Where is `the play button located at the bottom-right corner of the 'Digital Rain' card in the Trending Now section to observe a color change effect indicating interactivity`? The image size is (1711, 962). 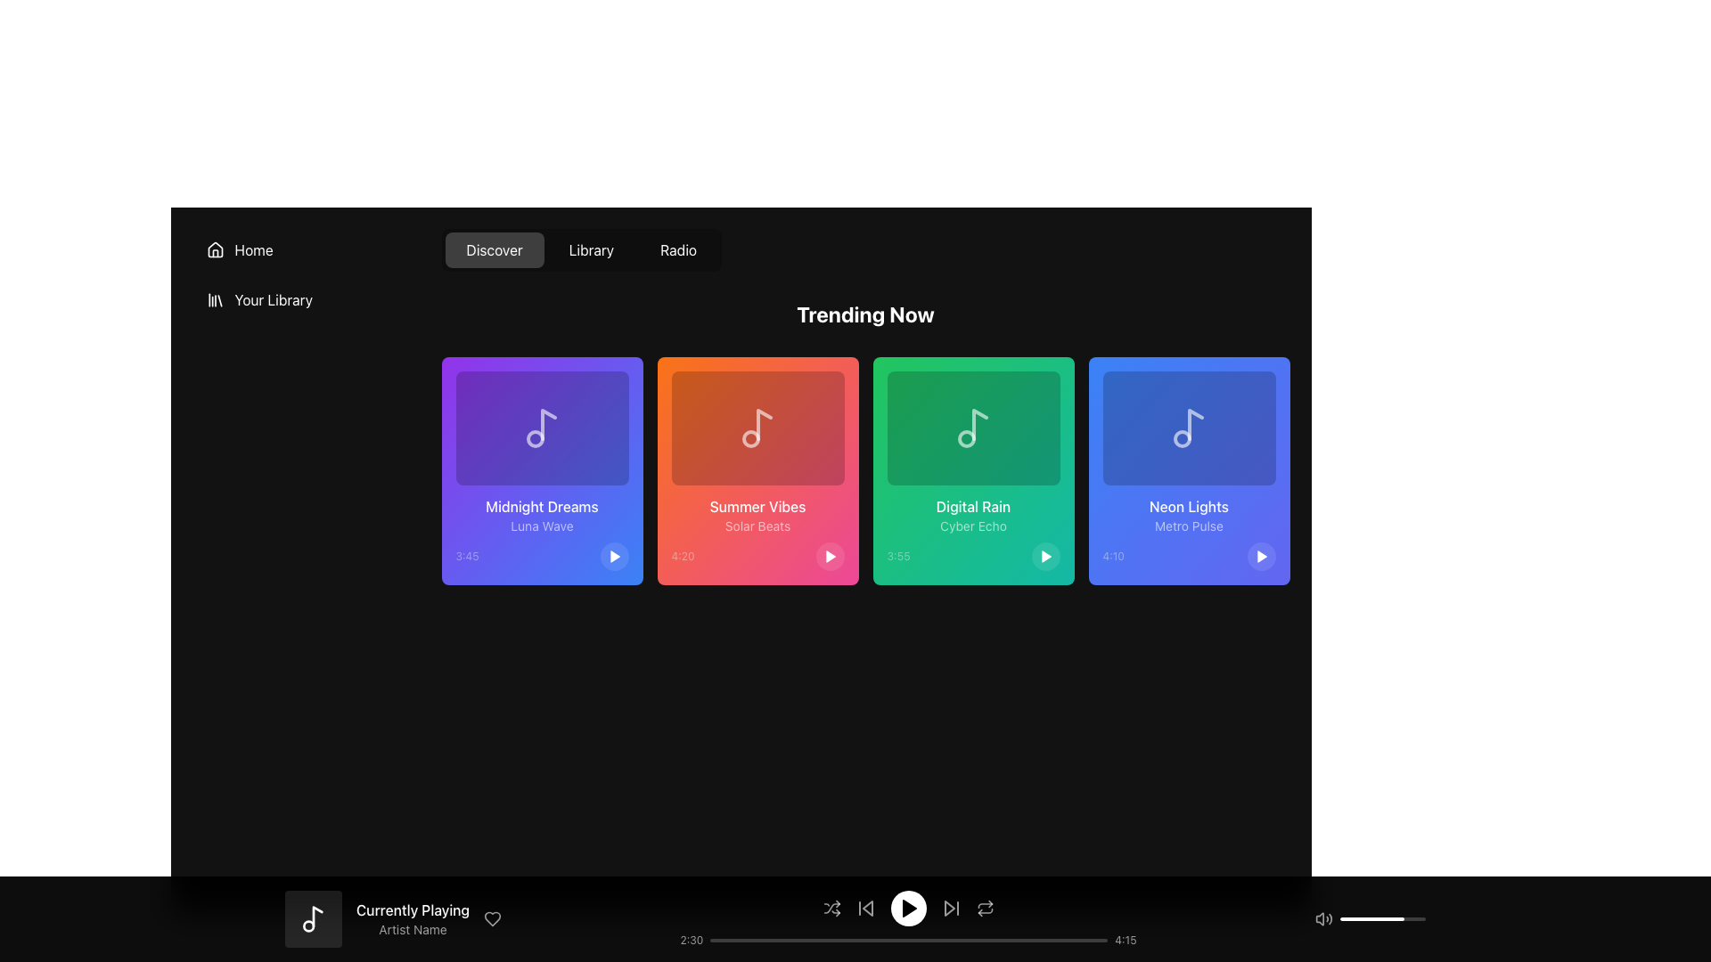
the play button located at the bottom-right corner of the 'Digital Rain' card in the Trending Now section to observe a color change effect indicating interactivity is located at coordinates (1045, 555).